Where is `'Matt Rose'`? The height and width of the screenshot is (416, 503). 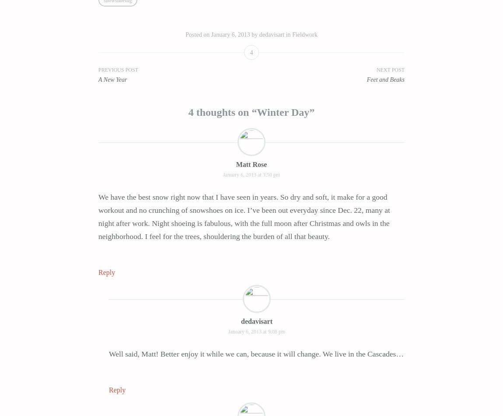
'Matt Rose' is located at coordinates (251, 164).